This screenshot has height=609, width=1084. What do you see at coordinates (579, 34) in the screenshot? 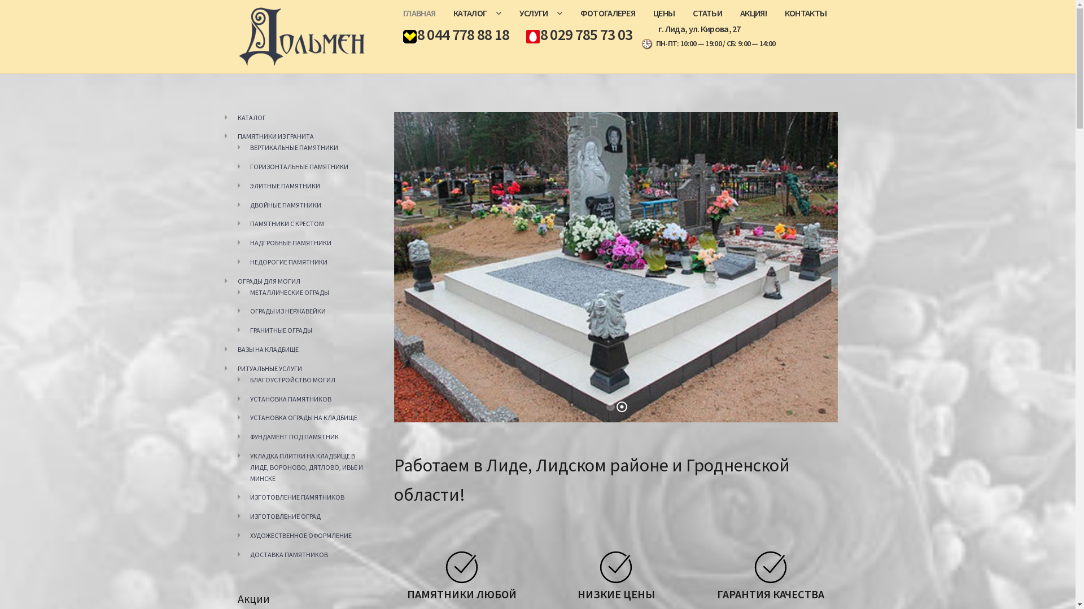
I see `'8 029 785 73 03'` at bounding box center [579, 34].